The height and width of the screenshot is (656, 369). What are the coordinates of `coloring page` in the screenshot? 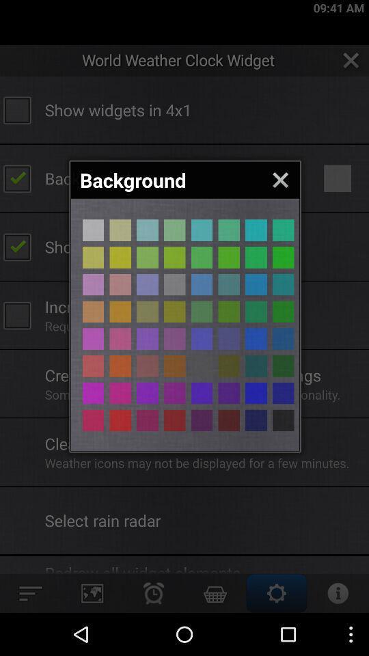 It's located at (229, 420).